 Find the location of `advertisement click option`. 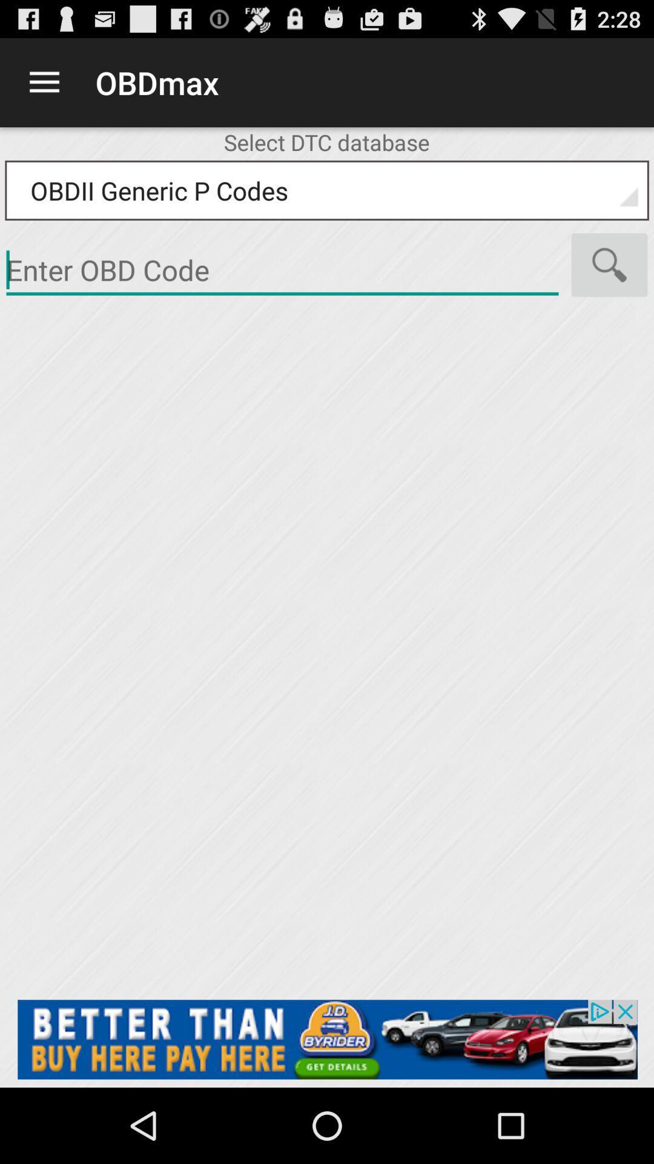

advertisement click option is located at coordinates (327, 1039).